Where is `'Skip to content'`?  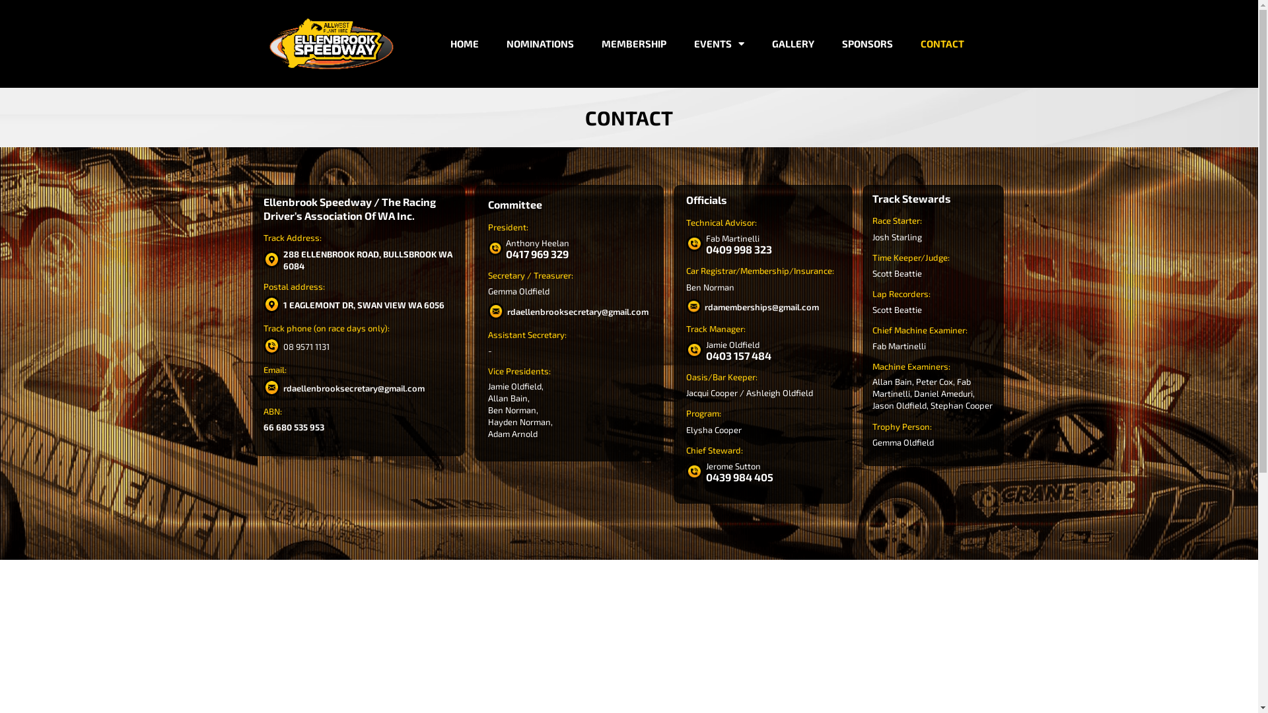
'Skip to content' is located at coordinates (9, 28).